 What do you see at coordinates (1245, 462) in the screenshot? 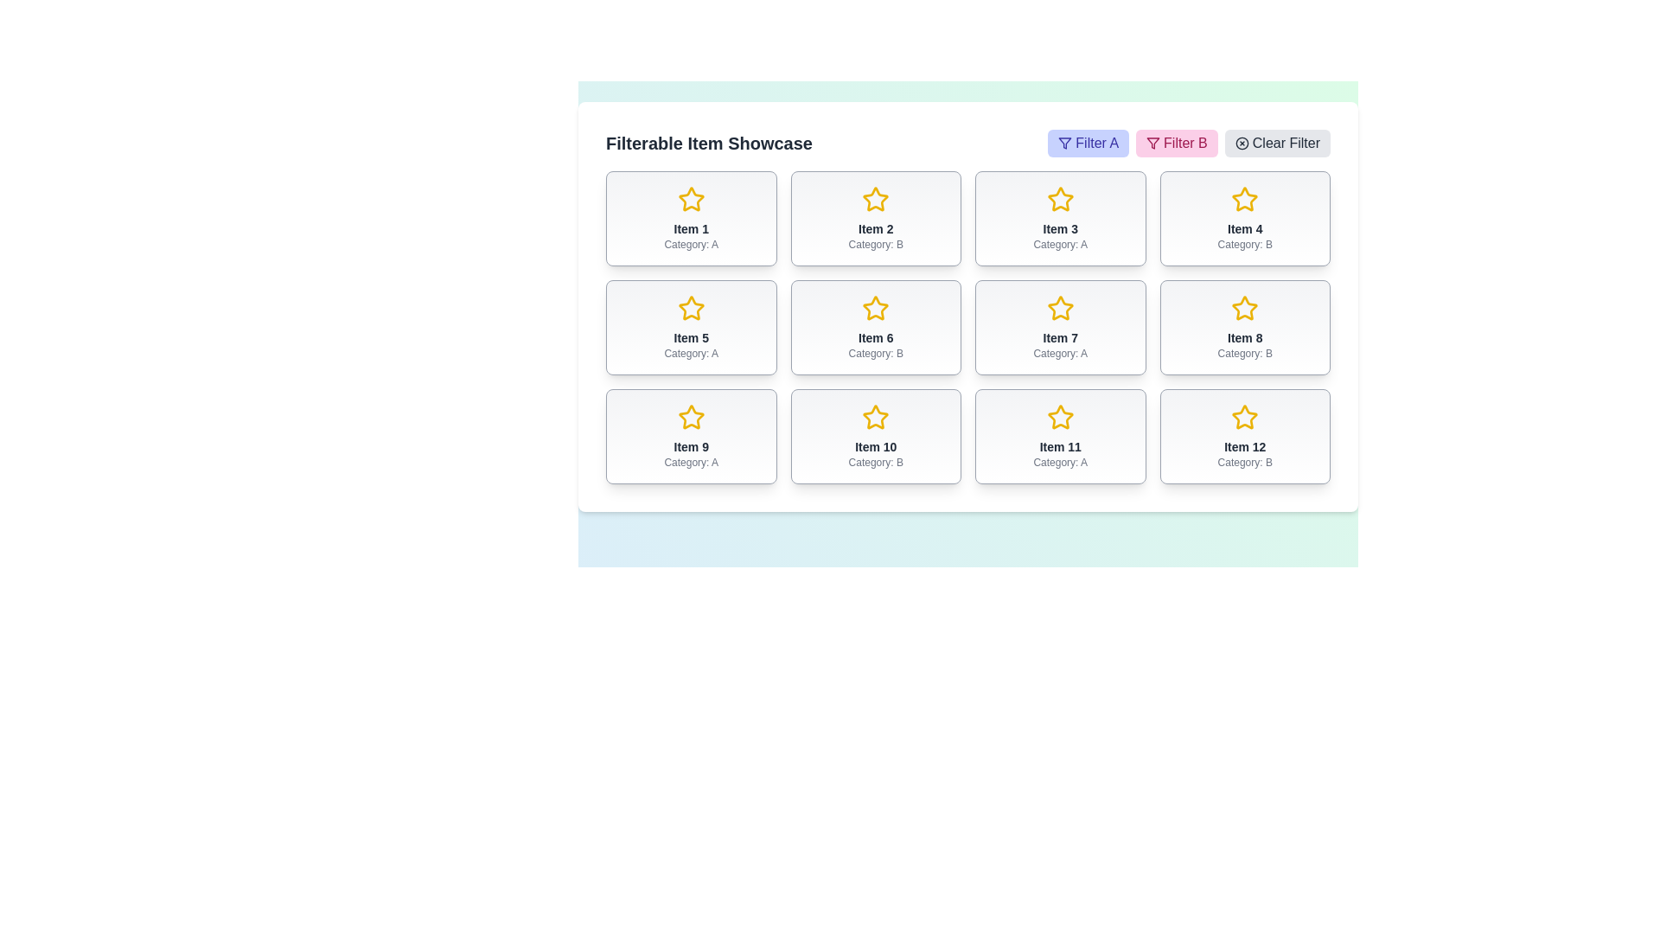
I see `the small gray text label that reads 'Category: B', located under the 'Item 12' heading in the last card of the grid's lower right corner` at bounding box center [1245, 462].